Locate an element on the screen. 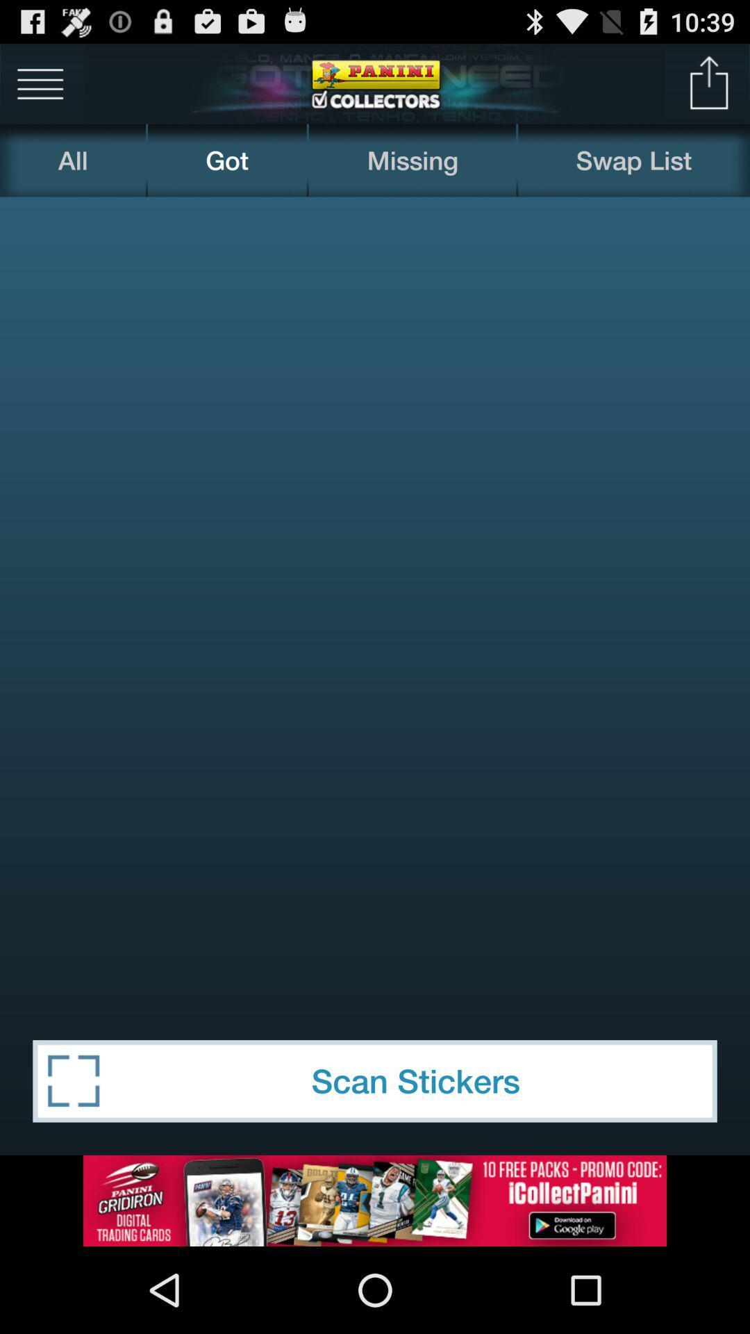 The height and width of the screenshot is (1334, 750). got icon is located at coordinates (226, 160).